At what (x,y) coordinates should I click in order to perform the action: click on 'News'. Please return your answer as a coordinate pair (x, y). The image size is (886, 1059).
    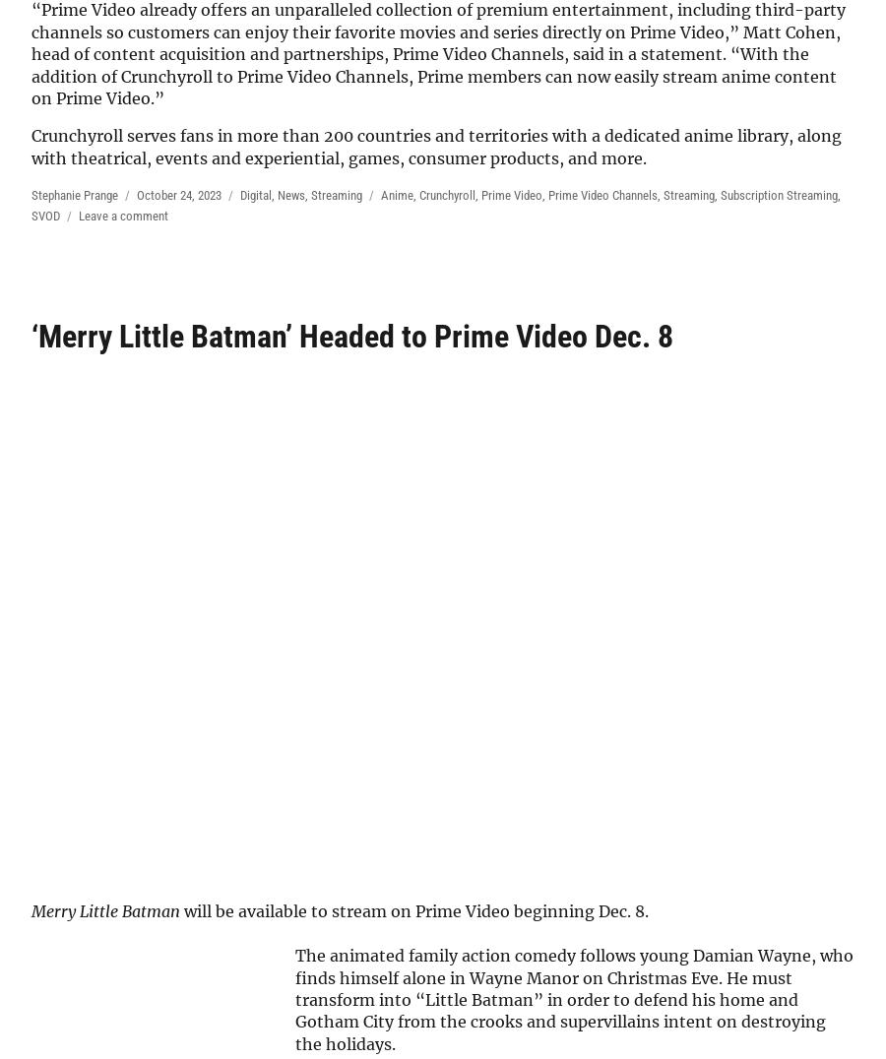
    Looking at the image, I should click on (290, 194).